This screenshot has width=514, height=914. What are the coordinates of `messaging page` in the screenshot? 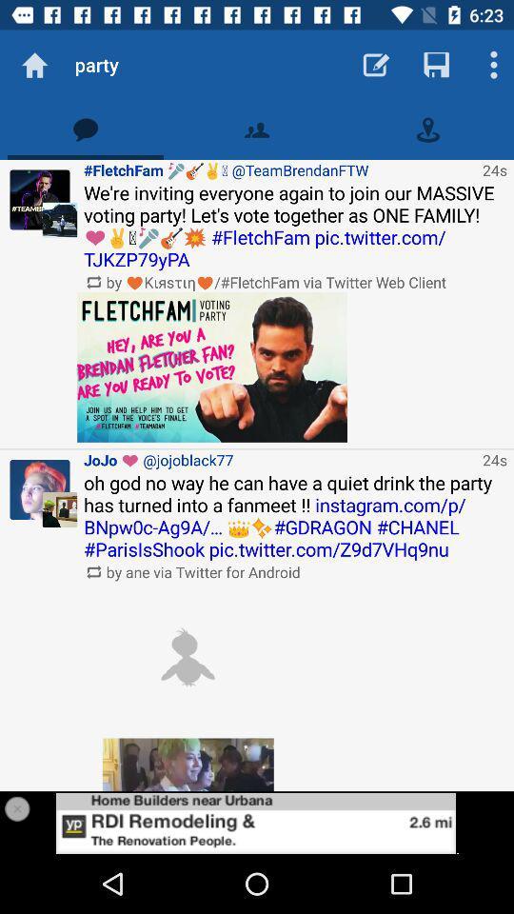 It's located at (85, 129).